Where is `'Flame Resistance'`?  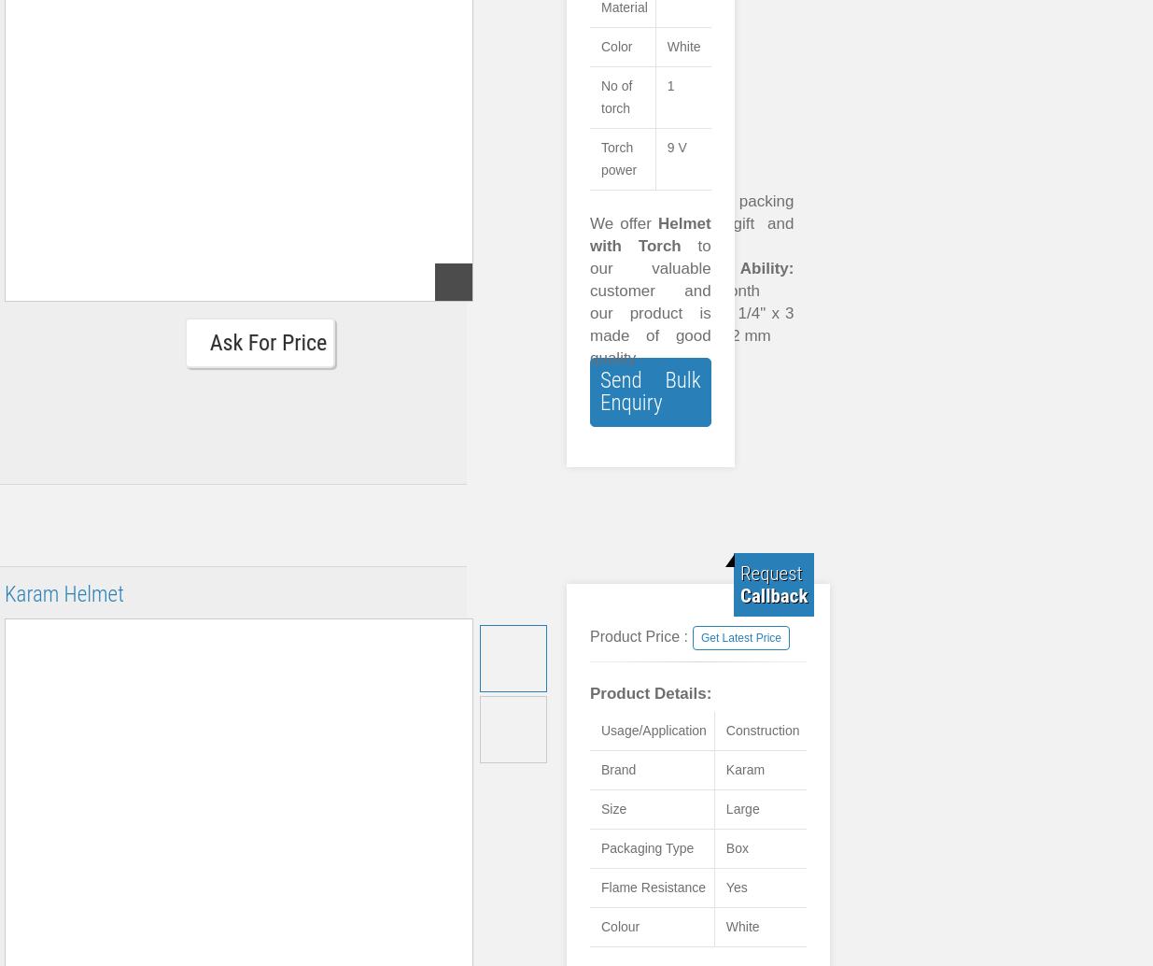
'Flame Resistance' is located at coordinates (653, 887).